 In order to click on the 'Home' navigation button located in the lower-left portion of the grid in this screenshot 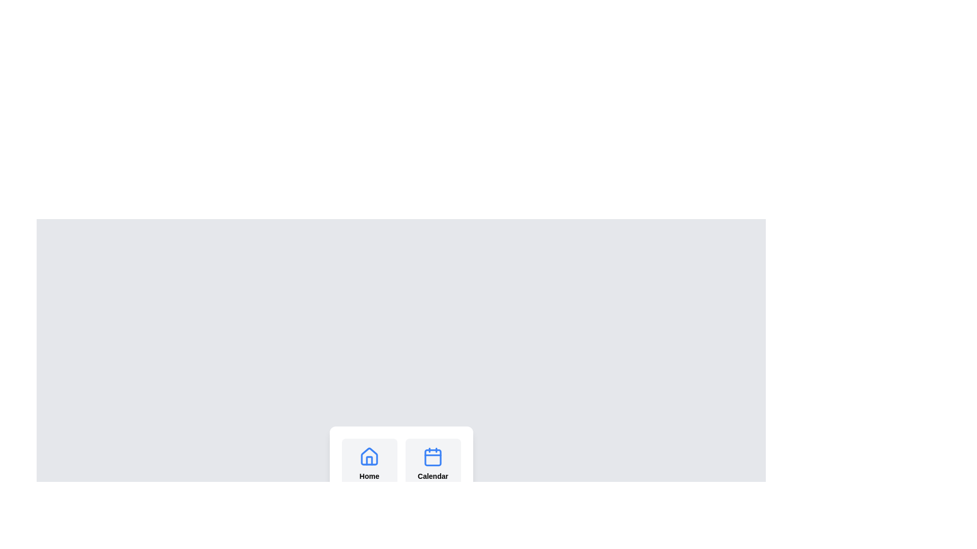, I will do `click(368, 464)`.